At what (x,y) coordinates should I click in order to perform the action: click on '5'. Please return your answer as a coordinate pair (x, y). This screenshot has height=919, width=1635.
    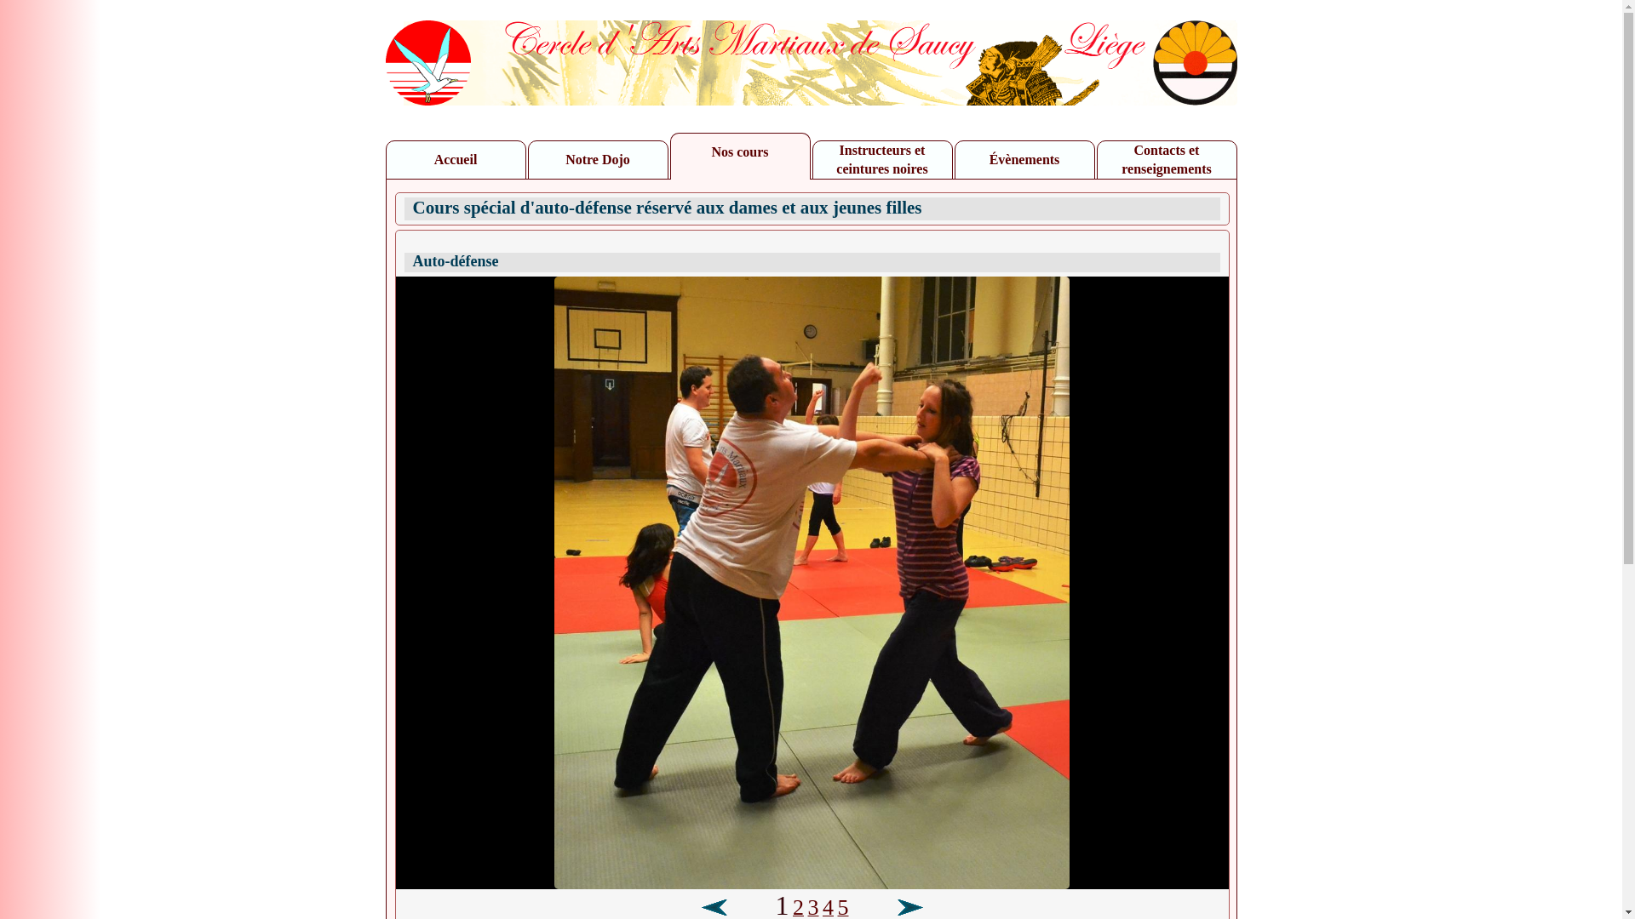
    Looking at the image, I should click on (843, 908).